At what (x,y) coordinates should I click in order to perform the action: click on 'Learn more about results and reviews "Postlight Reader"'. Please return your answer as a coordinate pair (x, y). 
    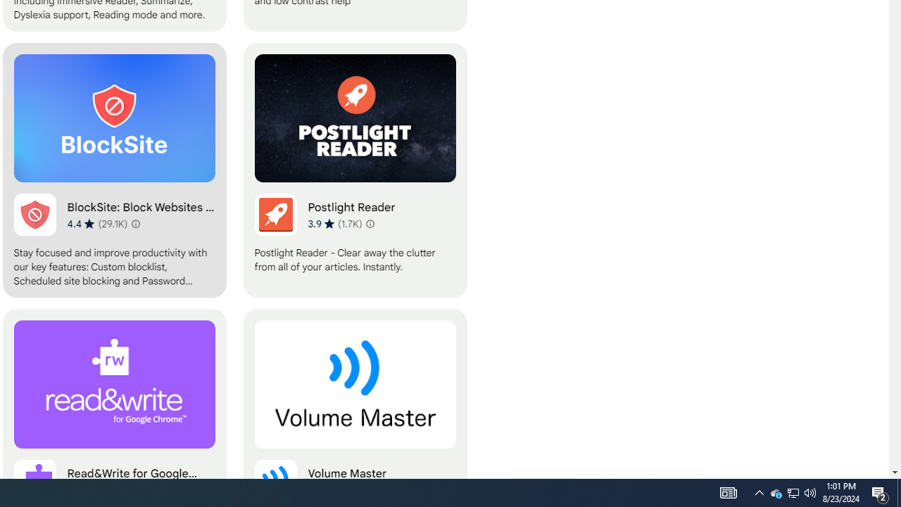
    Looking at the image, I should click on (370, 223).